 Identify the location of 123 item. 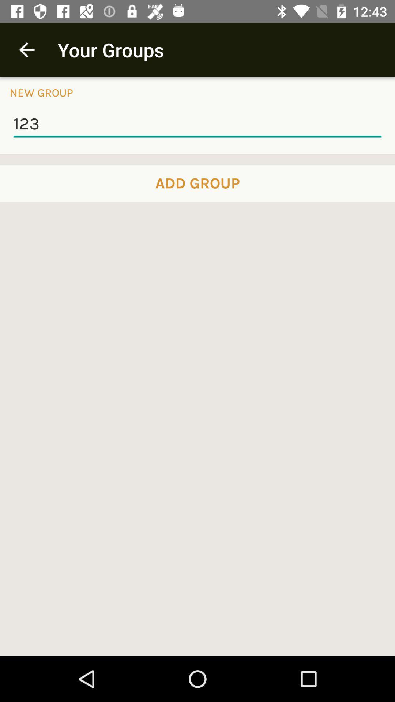
(197, 124).